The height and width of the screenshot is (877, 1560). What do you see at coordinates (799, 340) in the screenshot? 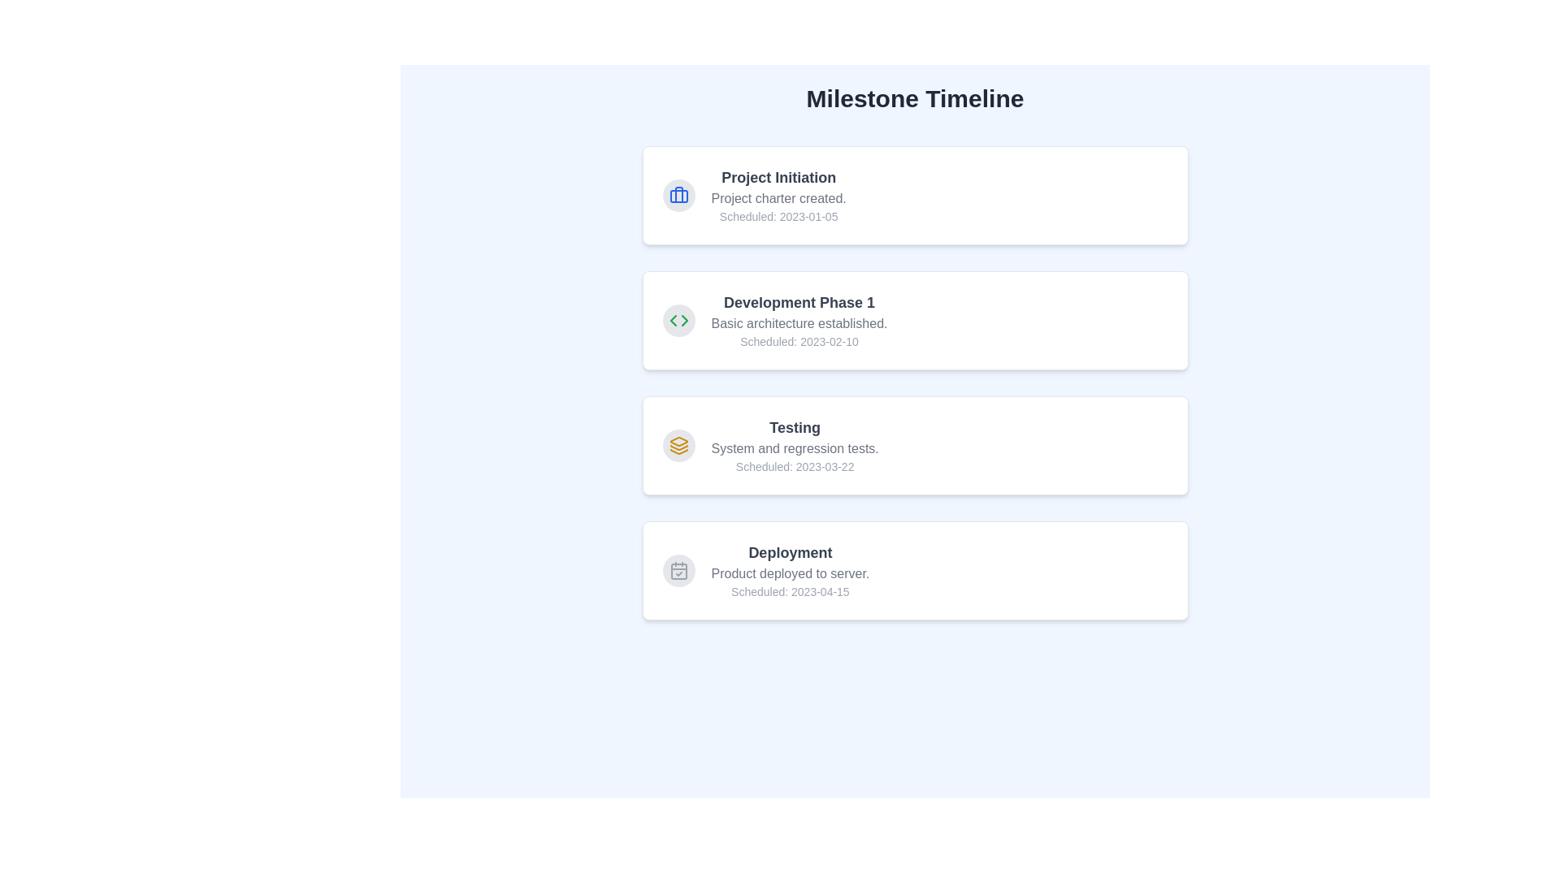
I see `text display element that shows 'Scheduled: 2023-02-10' located beneath 'Basic architecture established.' in the 'Development Phase 1' card` at bounding box center [799, 340].